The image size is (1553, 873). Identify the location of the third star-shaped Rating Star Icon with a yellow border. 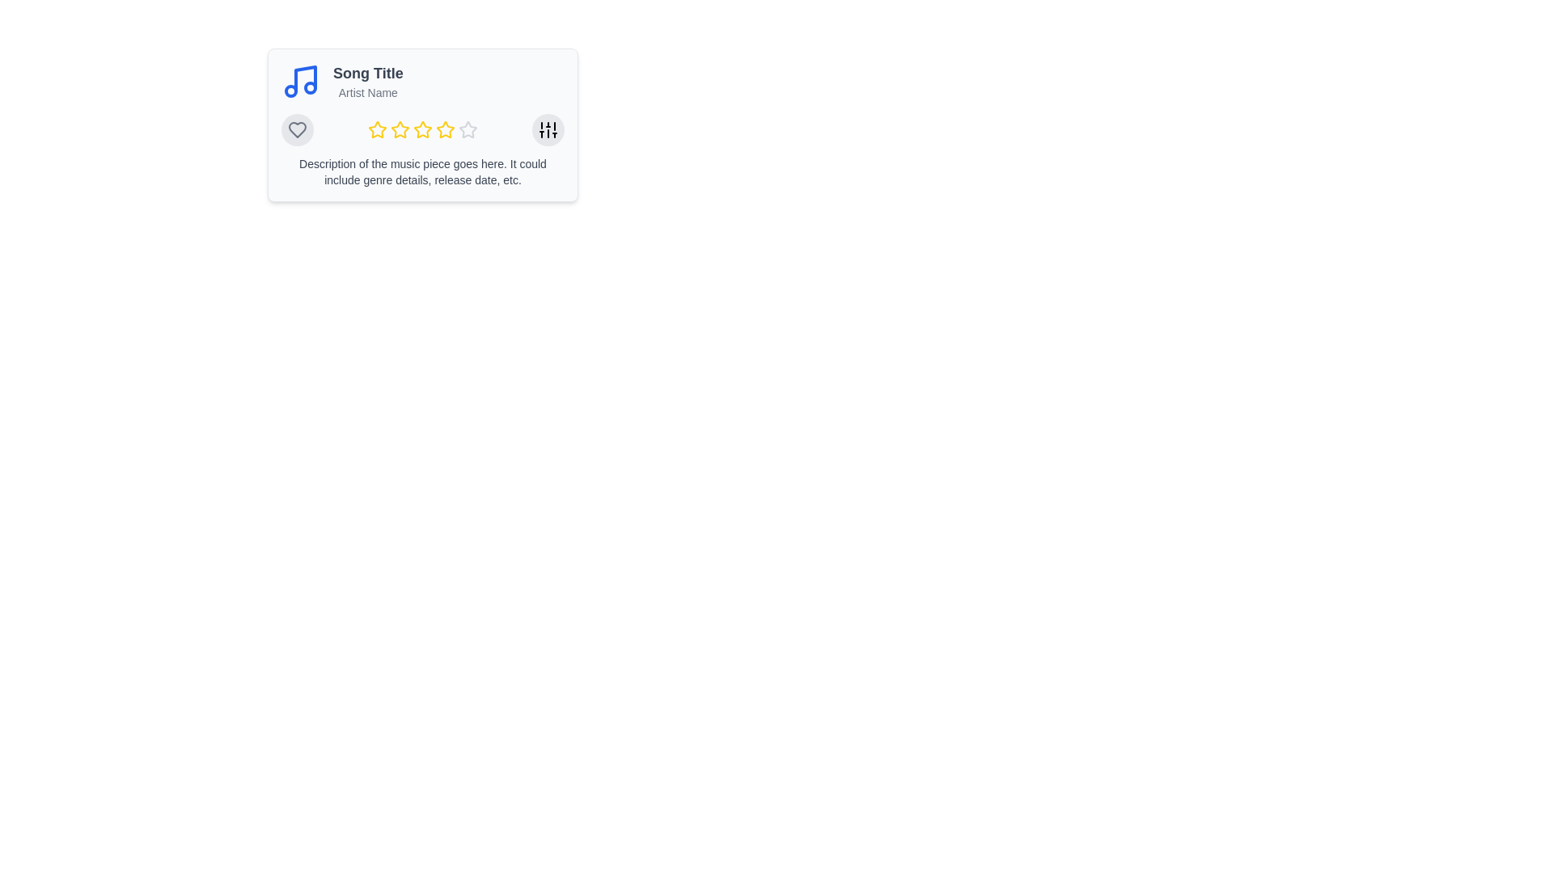
(423, 129).